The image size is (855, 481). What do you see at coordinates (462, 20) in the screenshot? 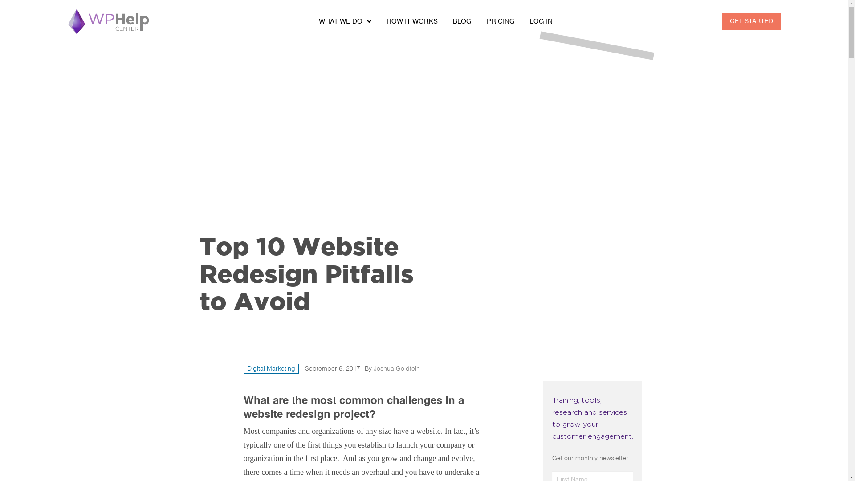
I see `'BLOG'` at bounding box center [462, 20].